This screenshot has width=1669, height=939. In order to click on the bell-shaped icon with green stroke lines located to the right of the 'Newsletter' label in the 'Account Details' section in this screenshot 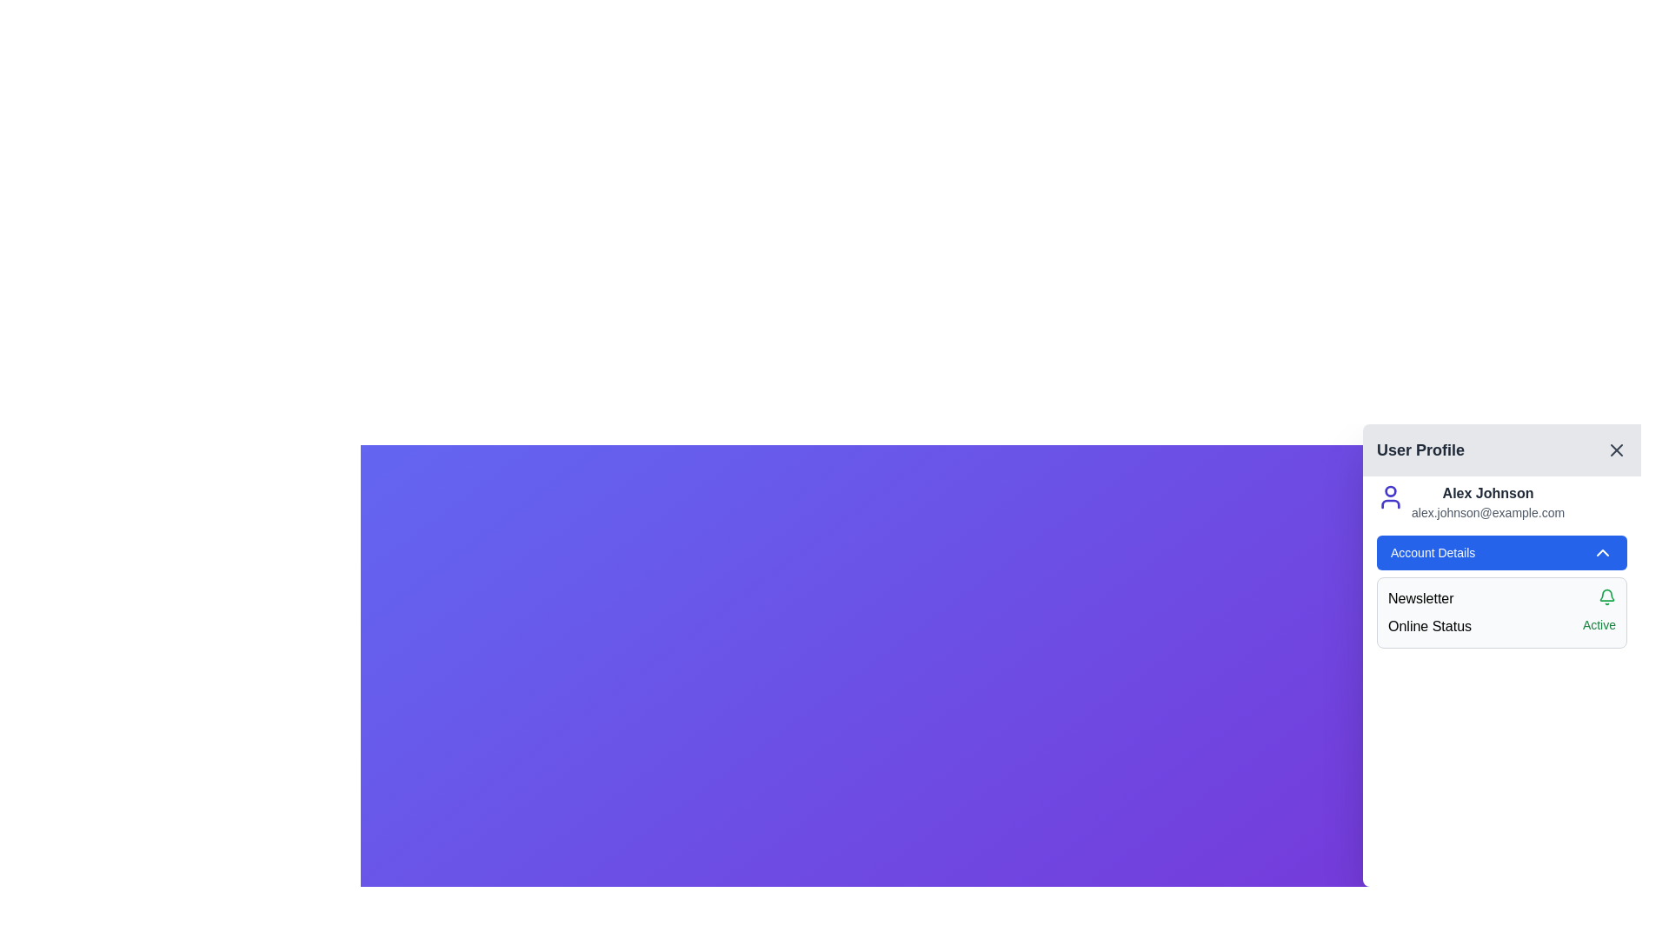, I will do `click(1606, 596)`.